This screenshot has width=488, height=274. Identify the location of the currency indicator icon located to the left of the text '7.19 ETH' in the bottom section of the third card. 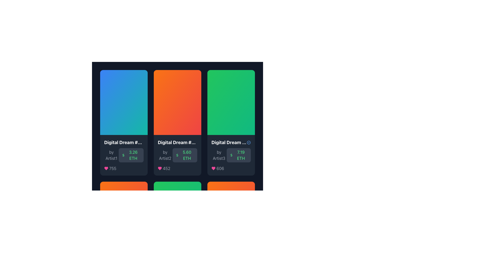
(231, 155).